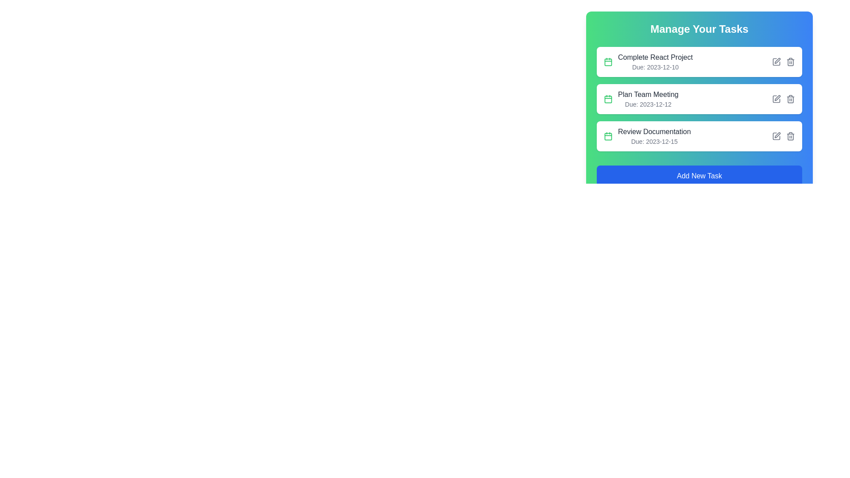  What do you see at coordinates (607, 99) in the screenshot?
I see `the due date icon for the task 'Plan Team Meeting', located in the left section of the second task item in the task list` at bounding box center [607, 99].